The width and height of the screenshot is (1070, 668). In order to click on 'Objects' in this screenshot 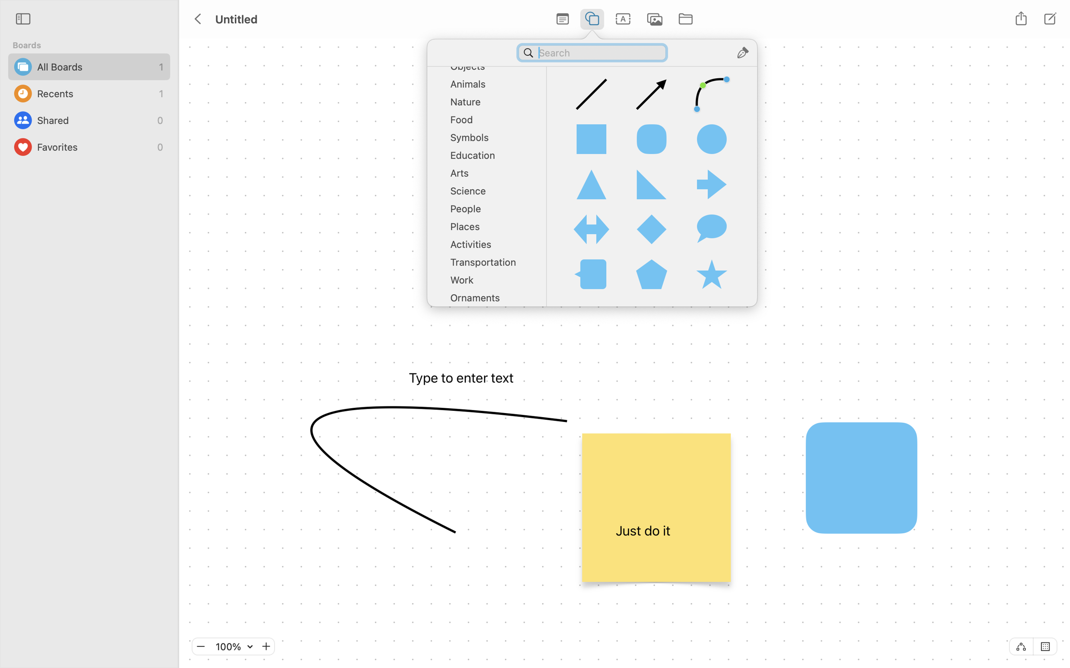, I will do `click(489, 68)`.